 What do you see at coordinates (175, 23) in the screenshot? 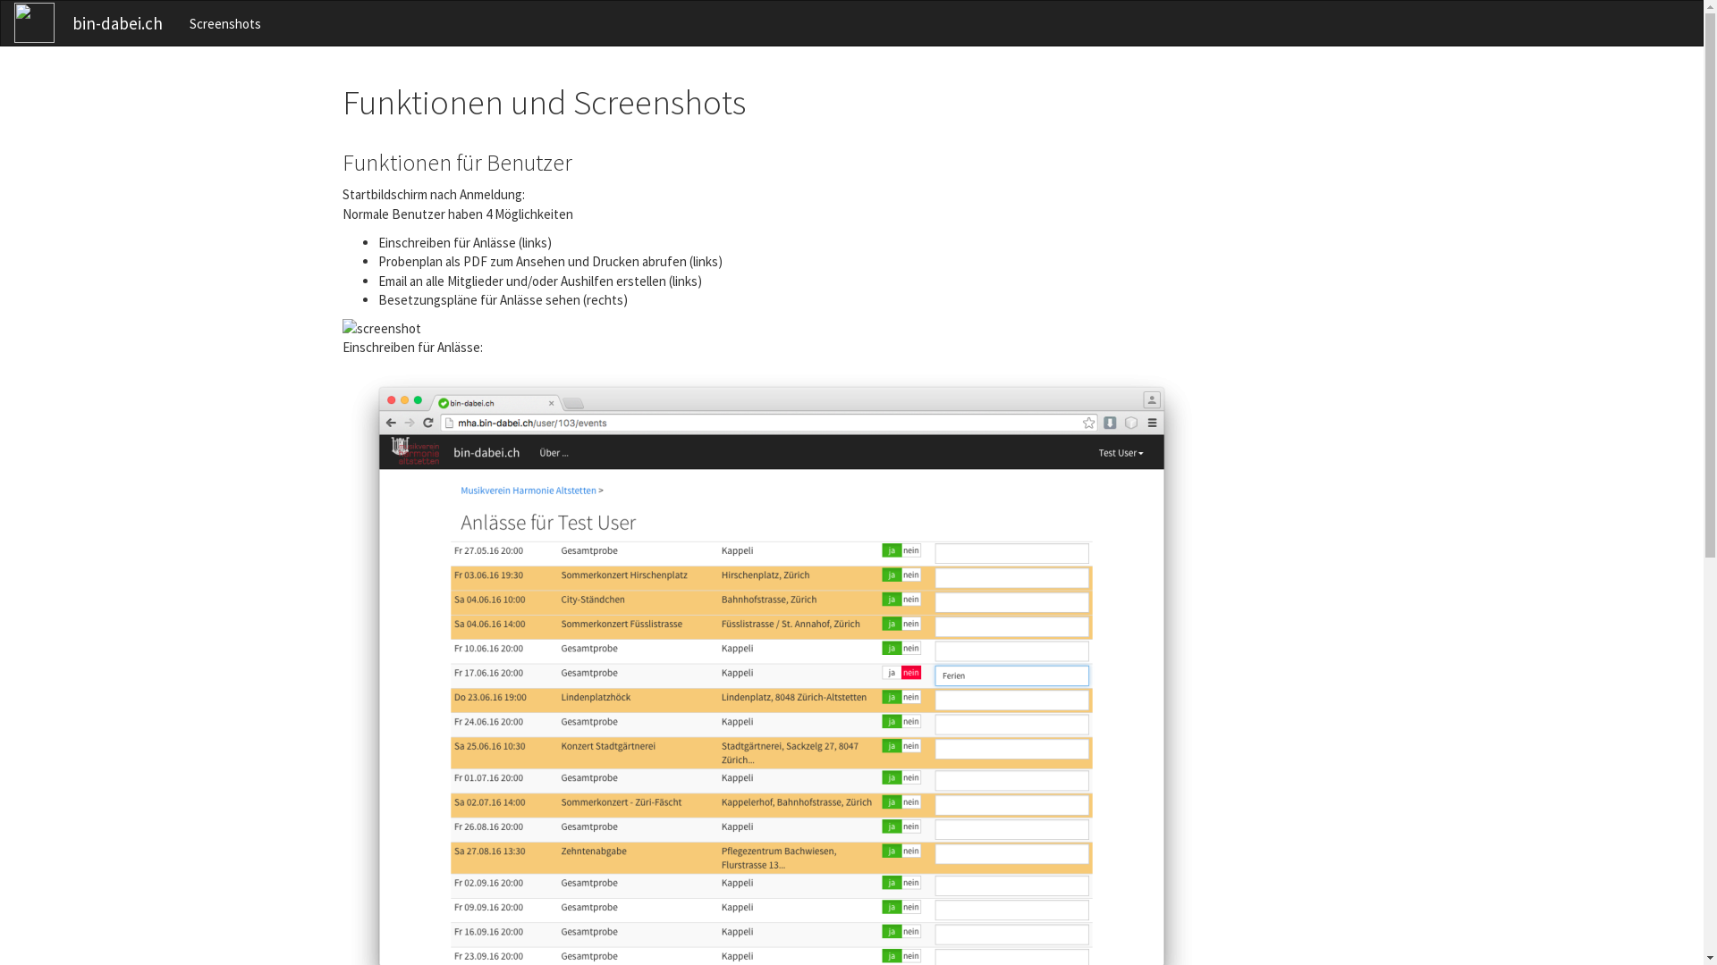
I see `'Screenshots'` at bounding box center [175, 23].